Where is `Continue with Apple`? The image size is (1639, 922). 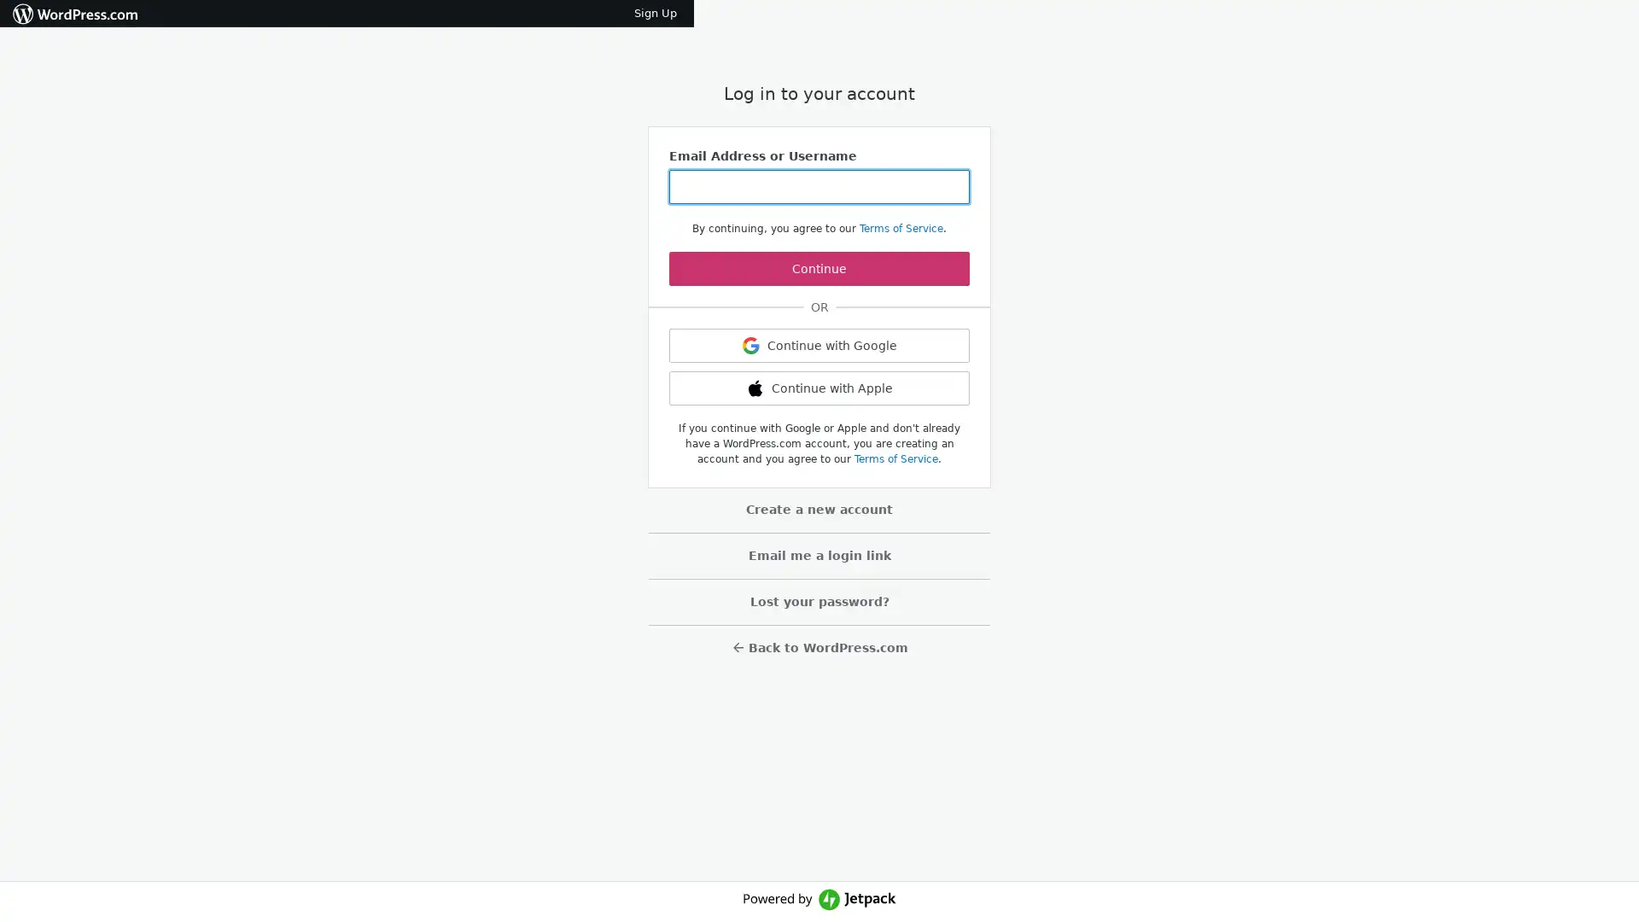
Continue with Apple is located at coordinates (819, 388).